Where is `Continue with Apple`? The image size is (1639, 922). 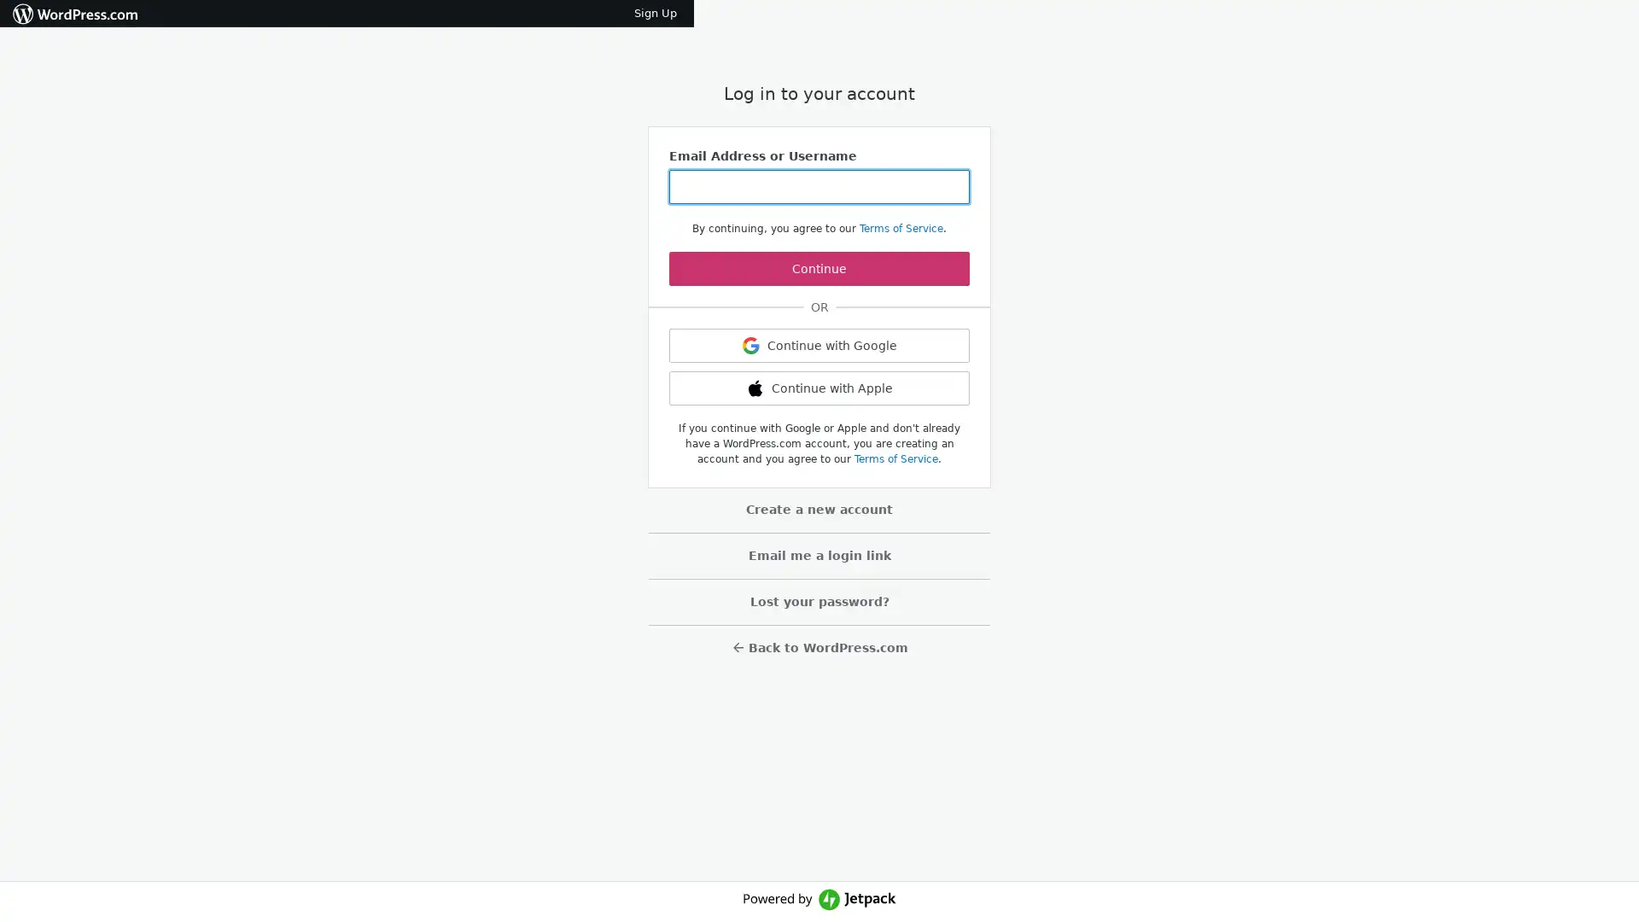
Continue with Apple is located at coordinates (819, 388).